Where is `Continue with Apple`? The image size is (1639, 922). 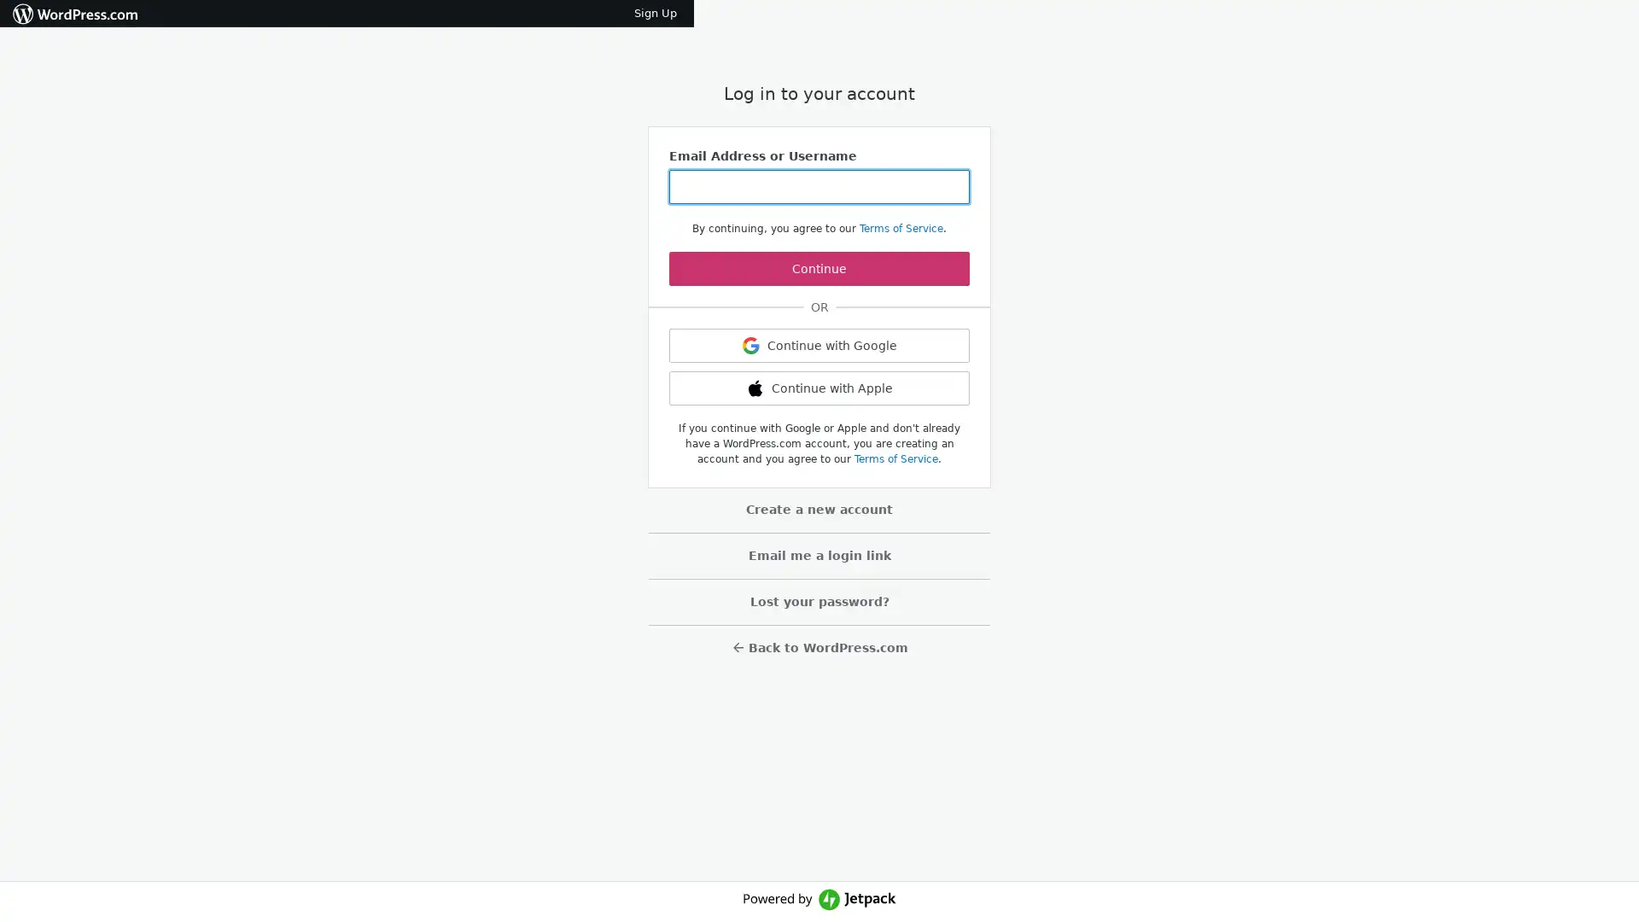
Continue with Apple is located at coordinates (819, 388).